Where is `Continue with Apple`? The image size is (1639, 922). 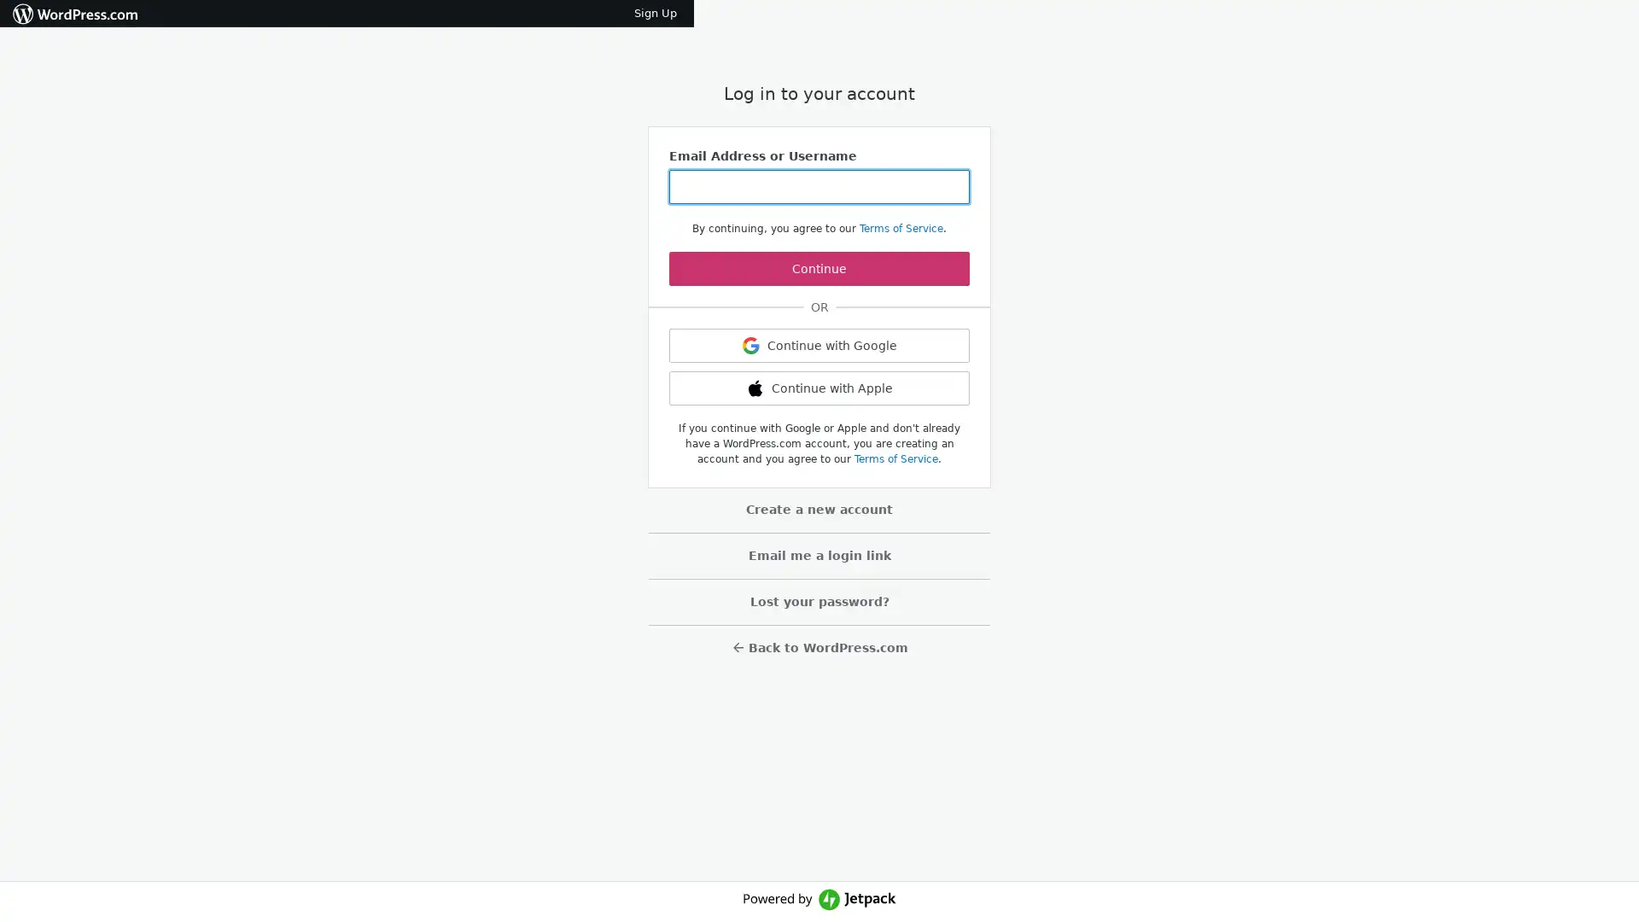
Continue with Apple is located at coordinates (819, 388).